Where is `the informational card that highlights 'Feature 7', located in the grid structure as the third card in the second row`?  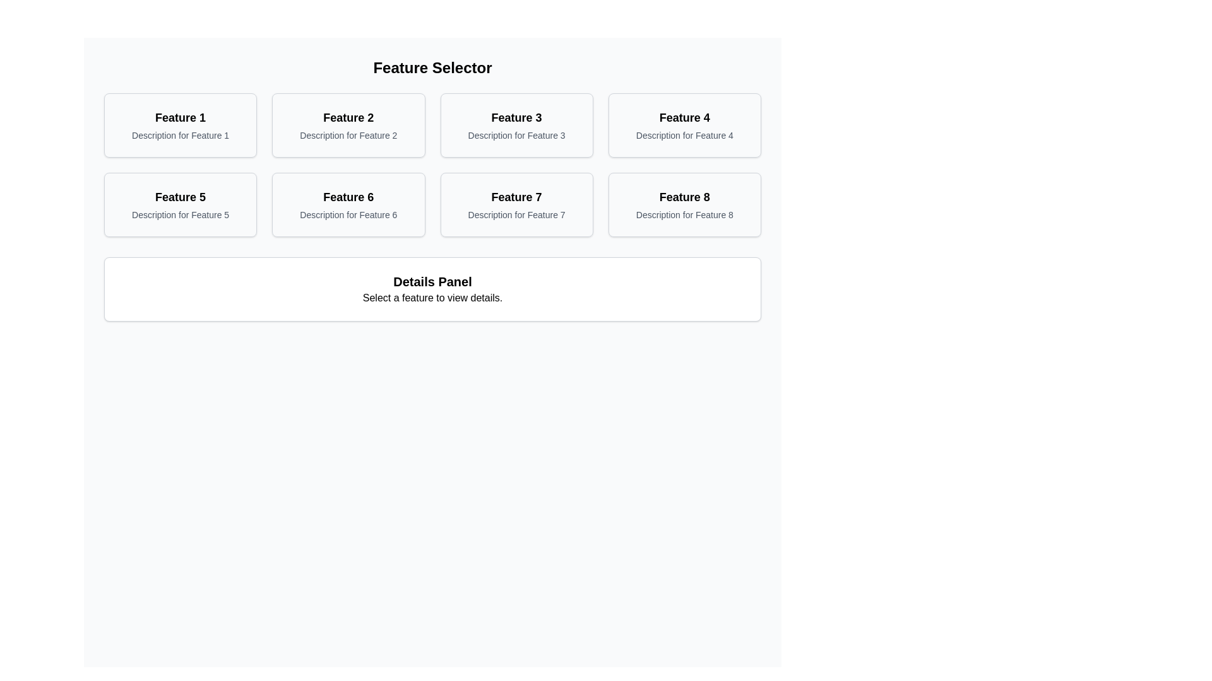 the informational card that highlights 'Feature 7', located in the grid structure as the third card in the second row is located at coordinates (516, 204).